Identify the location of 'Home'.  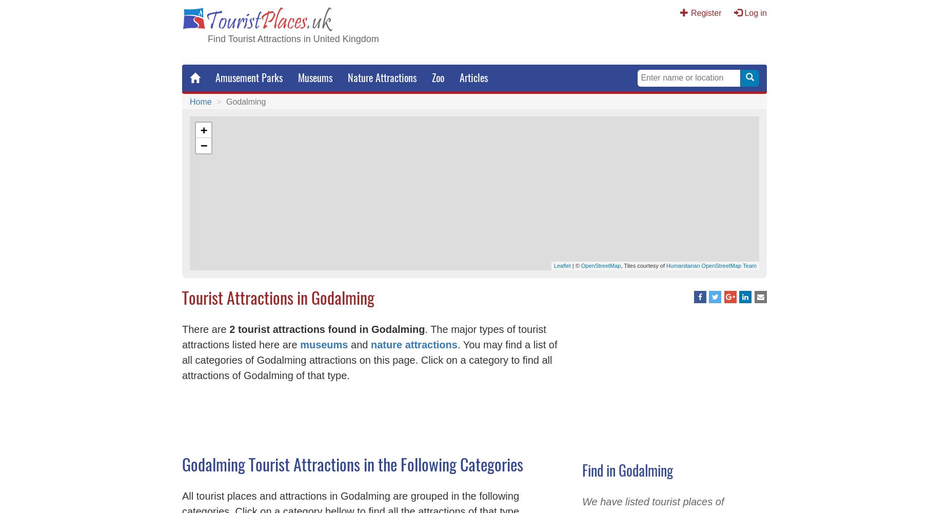
(200, 101).